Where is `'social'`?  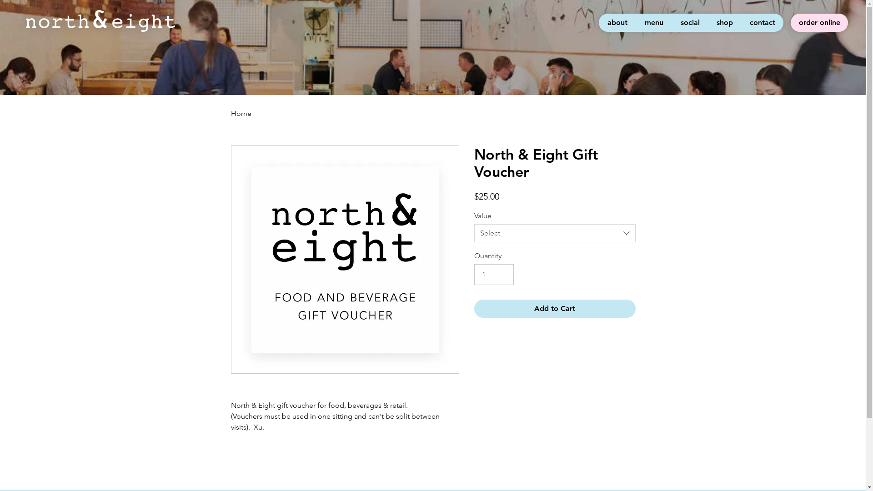 'social' is located at coordinates (672, 22).